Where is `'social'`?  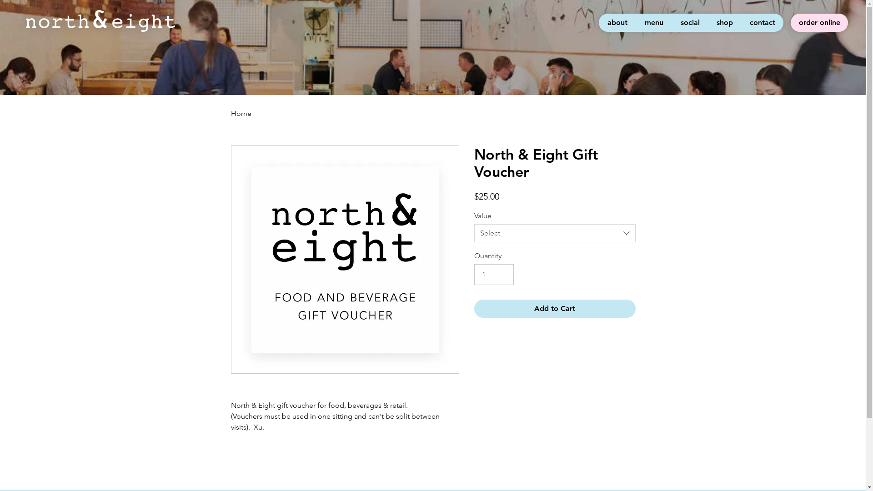 'social' is located at coordinates (672, 22).